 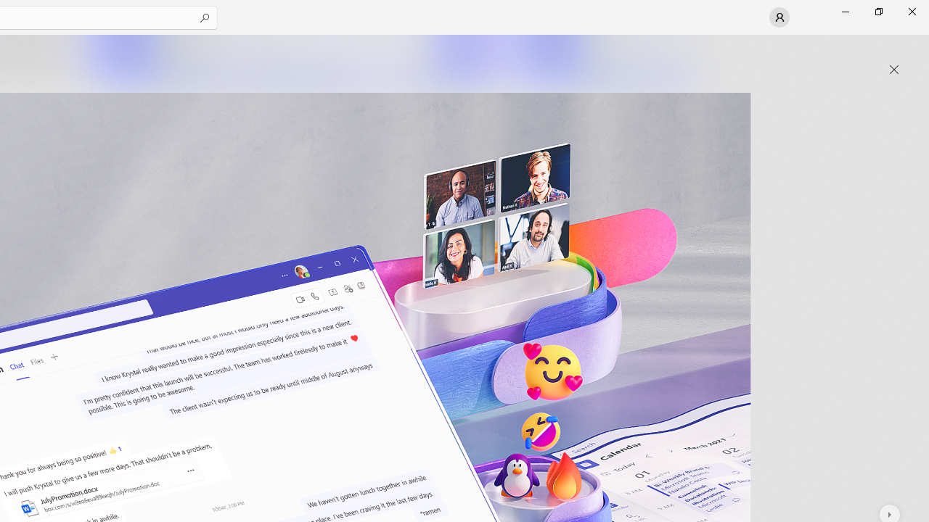 What do you see at coordinates (893, 70) in the screenshot?
I see `'close popup window'` at bounding box center [893, 70].